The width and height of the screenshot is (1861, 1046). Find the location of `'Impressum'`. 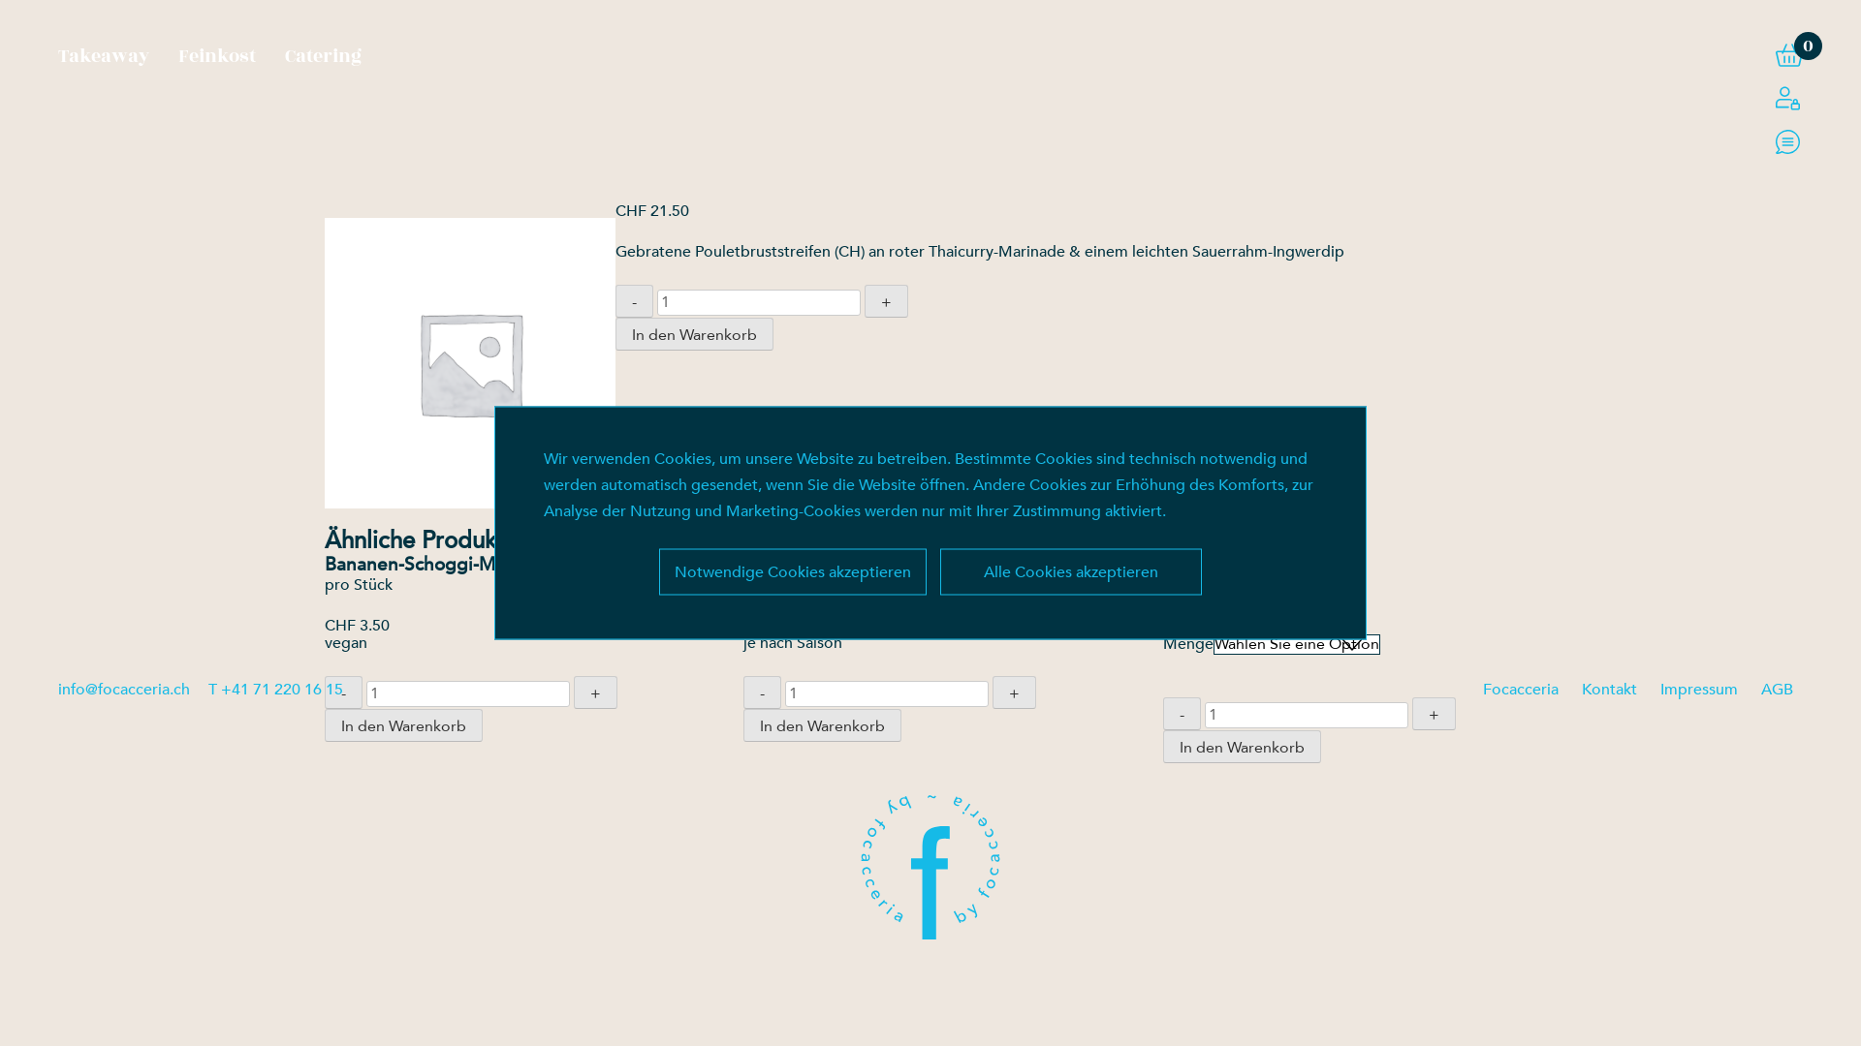

'Impressum' is located at coordinates (1697, 689).